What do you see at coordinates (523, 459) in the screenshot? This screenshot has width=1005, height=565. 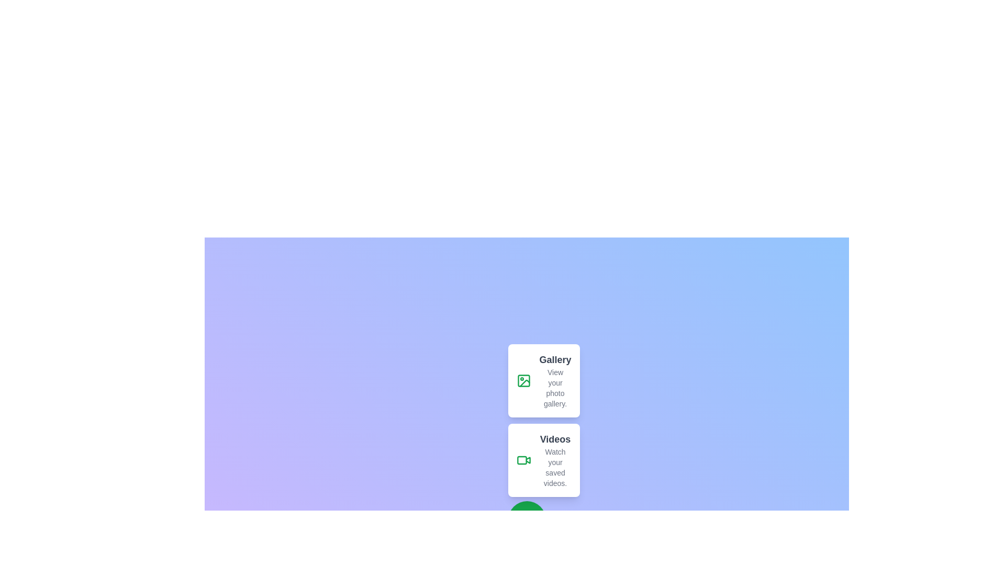 I see `the icon labeled Videos to inspect its visual feedback` at bounding box center [523, 459].